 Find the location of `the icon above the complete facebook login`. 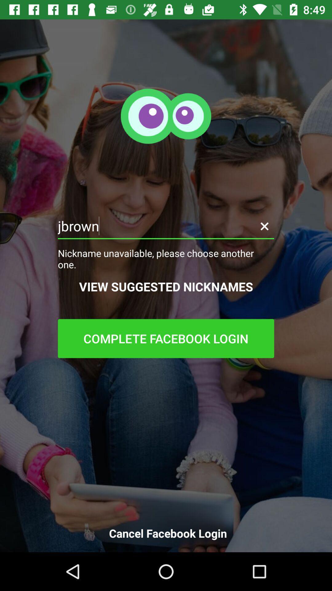

the icon above the complete facebook login is located at coordinates (166, 286).